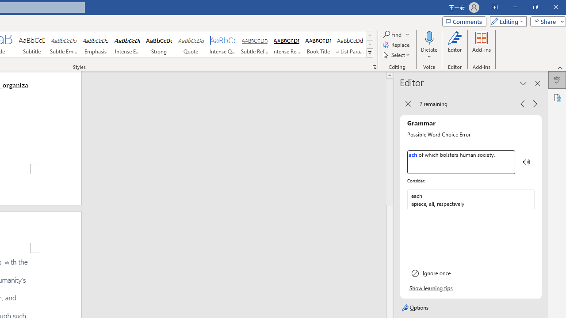 The width and height of the screenshot is (566, 318). What do you see at coordinates (63, 44) in the screenshot?
I see `'Subtle Emphasis'` at bounding box center [63, 44].